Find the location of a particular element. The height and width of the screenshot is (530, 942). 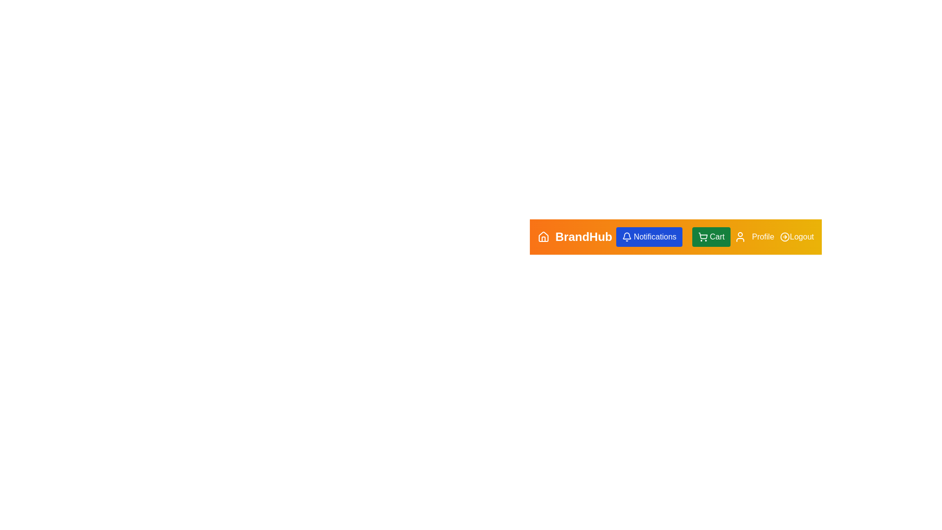

the Notifications button to view notifications is located at coordinates (649, 237).